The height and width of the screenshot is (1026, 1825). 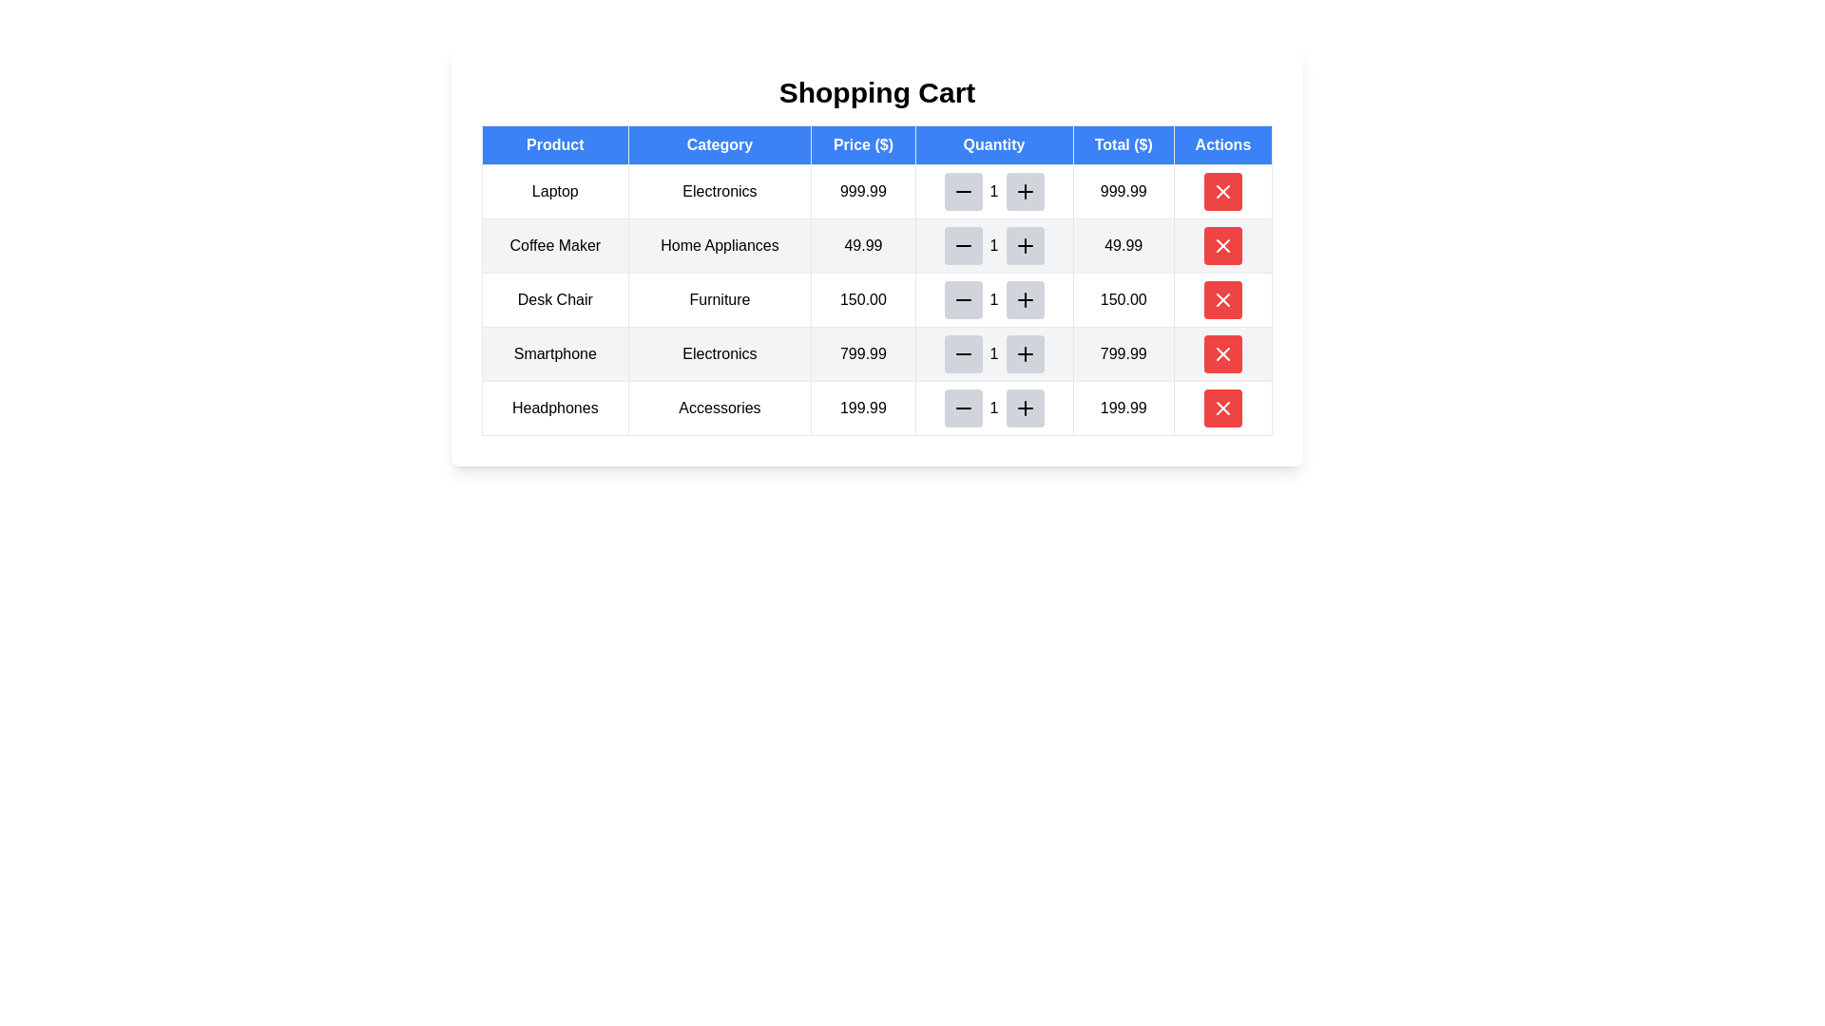 I want to click on text 'Price ($)' from the Column Header that indicates the prices in dollars, which is the third column header in the table, located centrally under the 'Shopping Cart' title, so click(x=875, y=144).